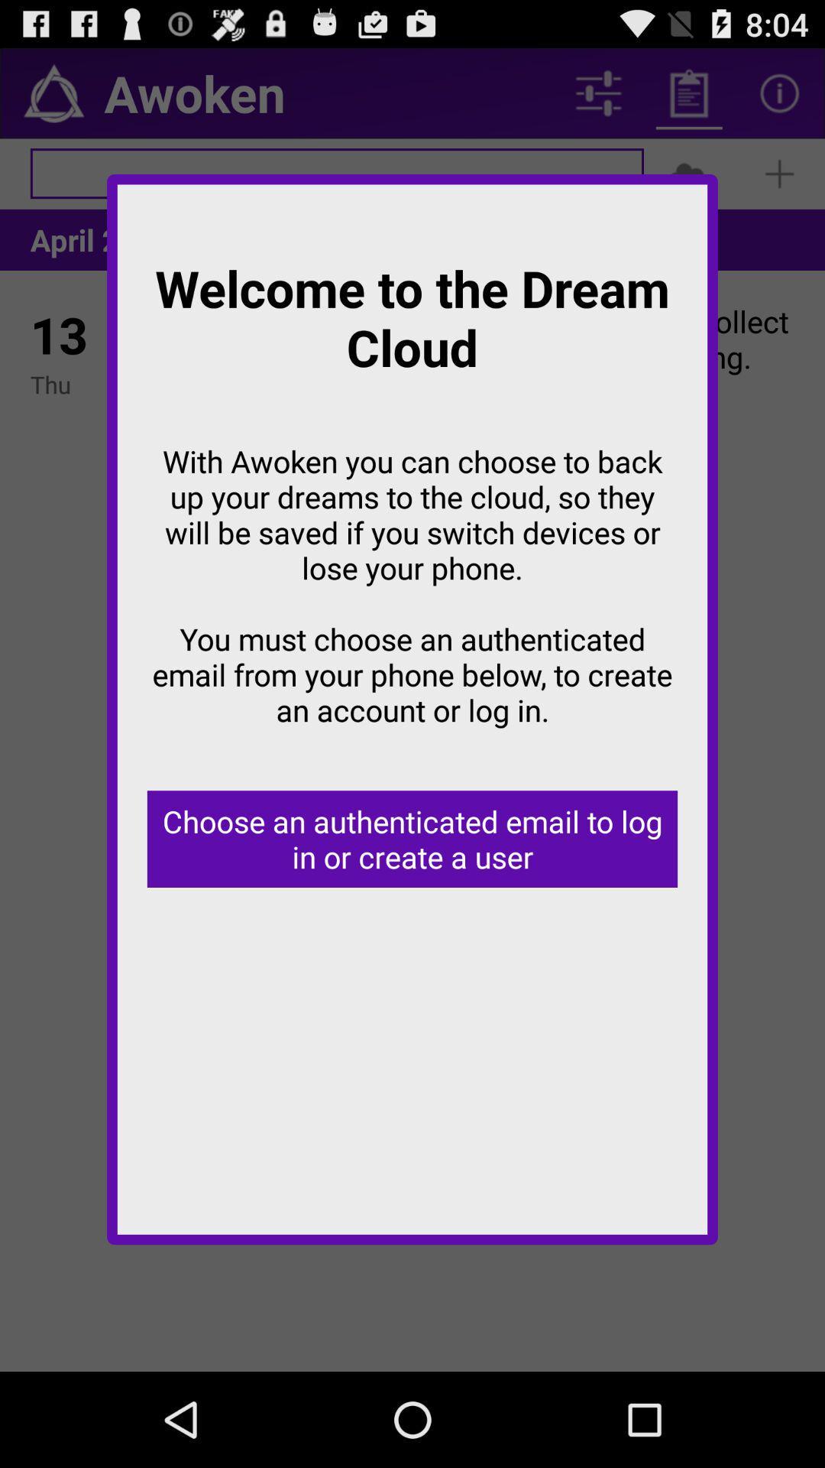 The image size is (825, 1468). Describe the element at coordinates (412, 838) in the screenshot. I see `item below the with awoken you app` at that location.